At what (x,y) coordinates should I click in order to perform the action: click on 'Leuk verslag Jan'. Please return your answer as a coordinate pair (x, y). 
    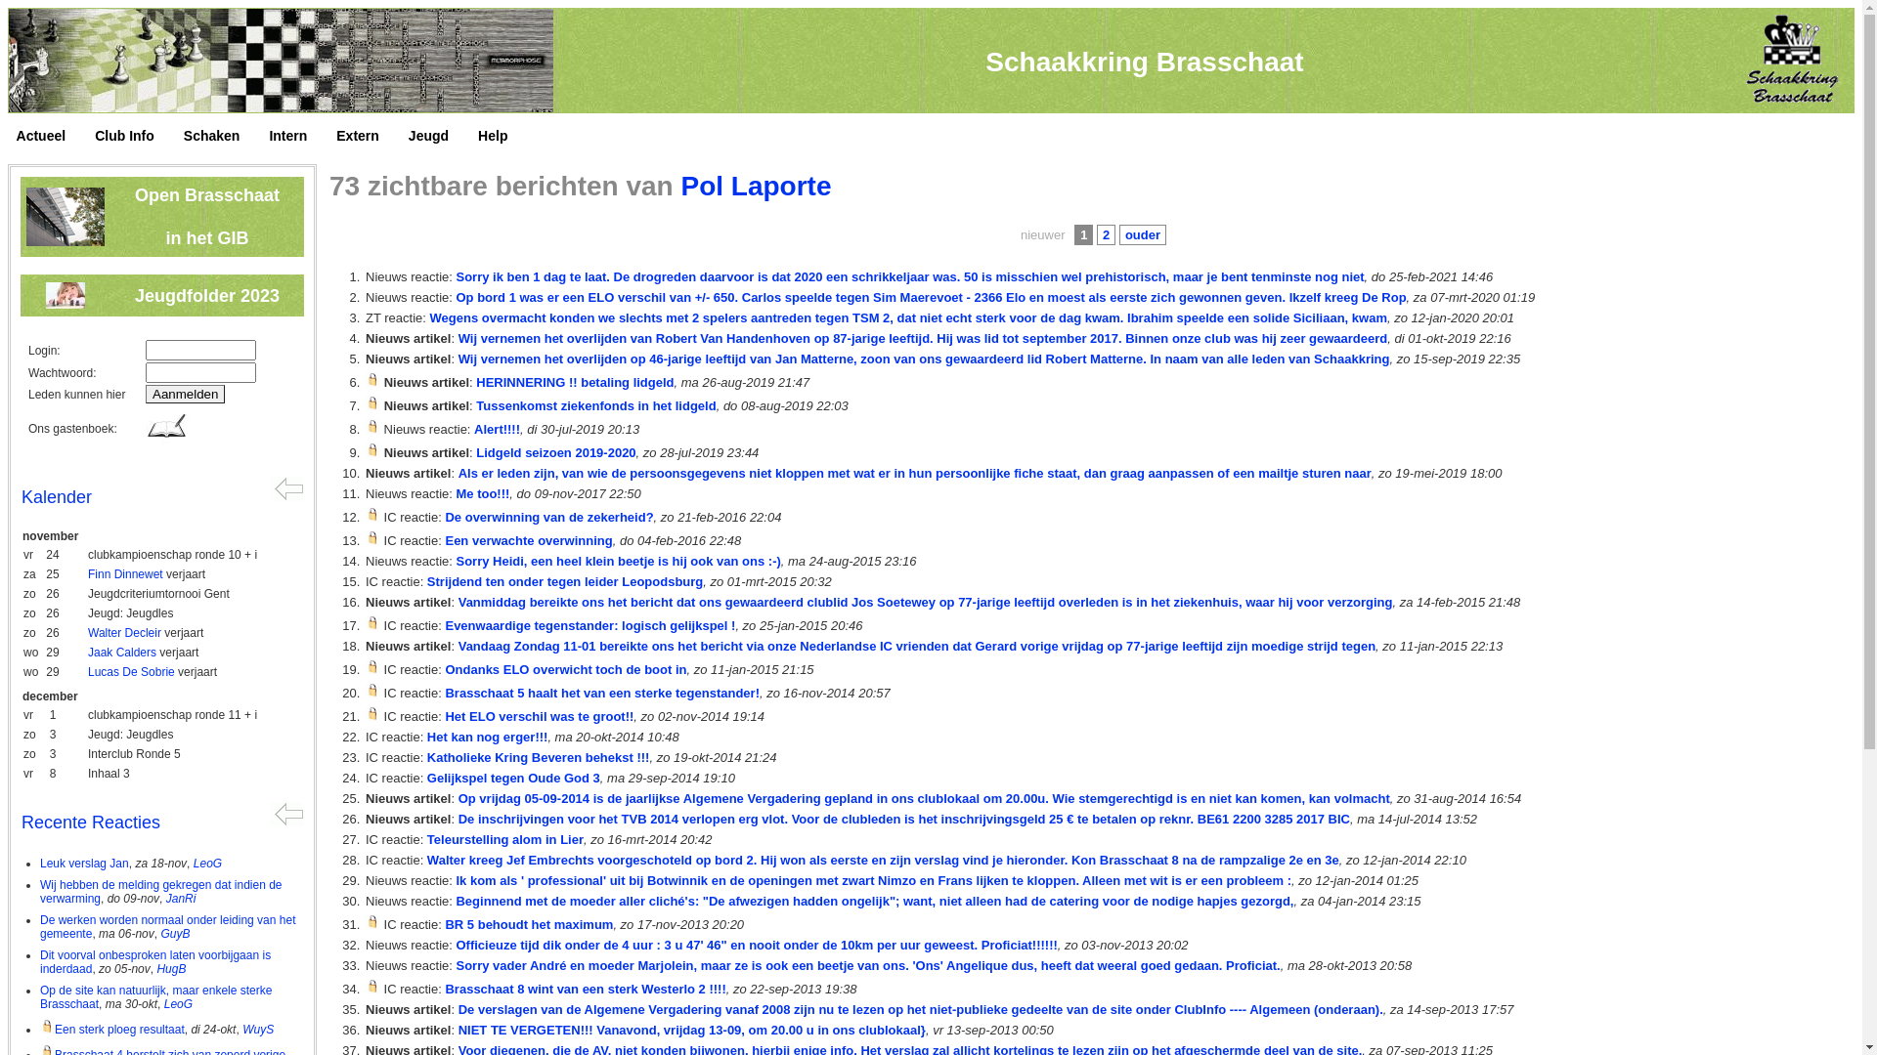
    Looking at the image, I should click on (83, 862).